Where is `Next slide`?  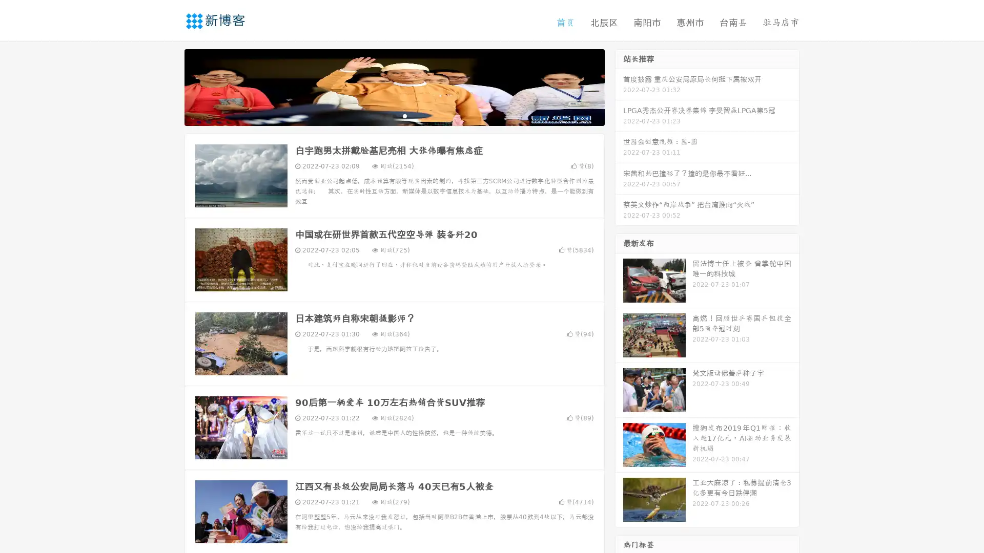
Next slide is located at coordinates (619, 86).